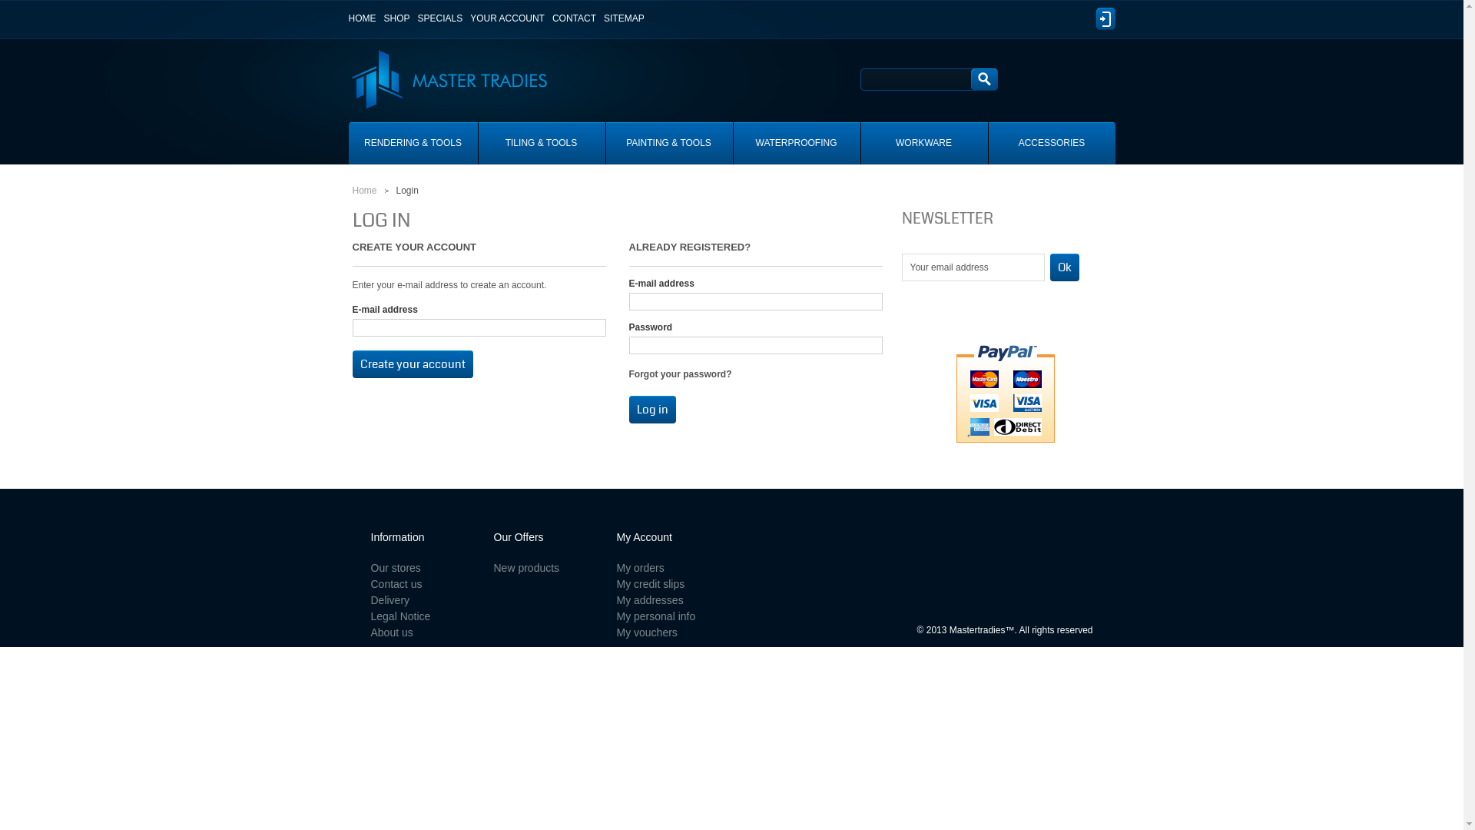 This screenshot has width=1475, height=830. What do you see at coordinates (389, 599) in the screenshot?
I see `'Delivery'` at bounding box center [389, 599].